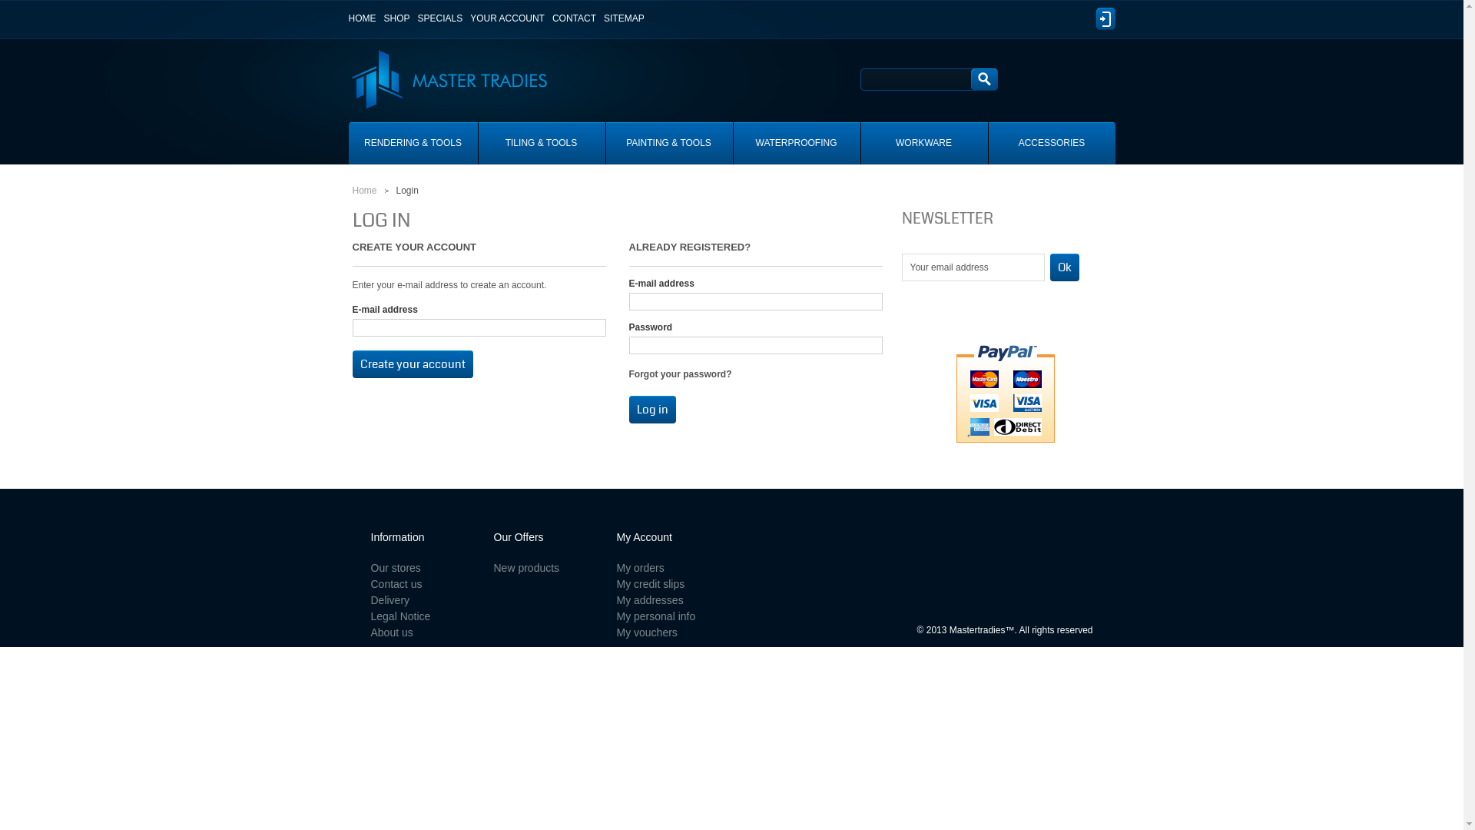 This screenshot has width=1475, height=830. What do you see at coordinates (389, 599) in the screenshot?
I see `'Delivery'` at bounding box center [389, 599].